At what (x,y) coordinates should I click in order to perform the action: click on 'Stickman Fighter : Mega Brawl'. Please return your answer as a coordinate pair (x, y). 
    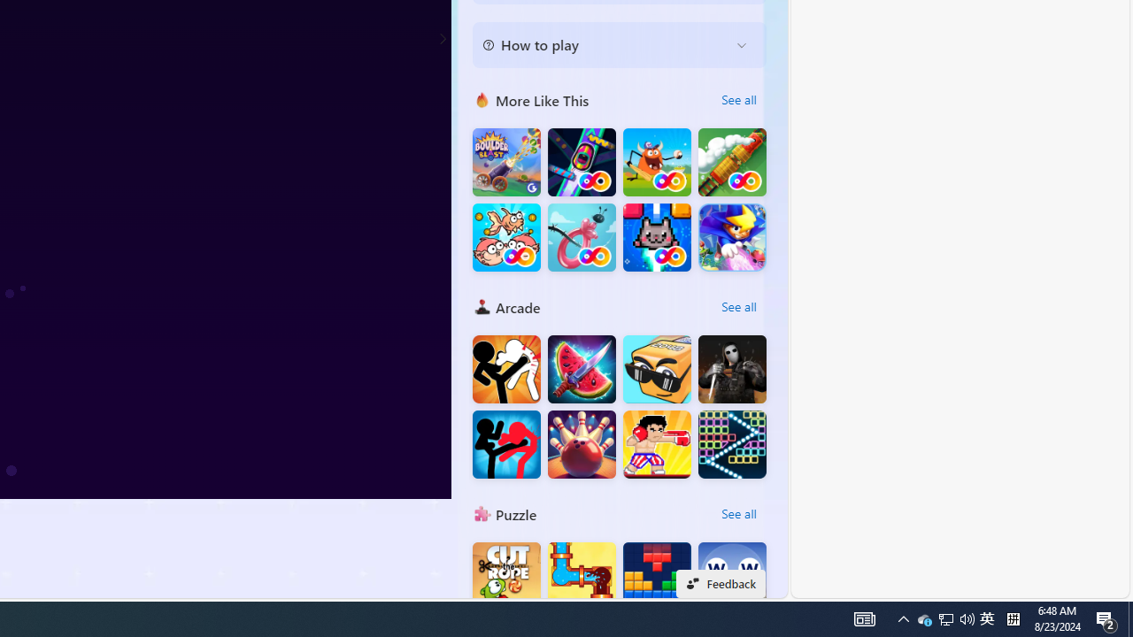
    Looking at the image, I should click on (505, 368).